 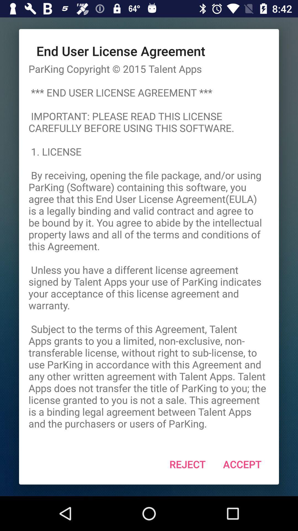 I want to click on the reject item, so click(x=187, y=464).